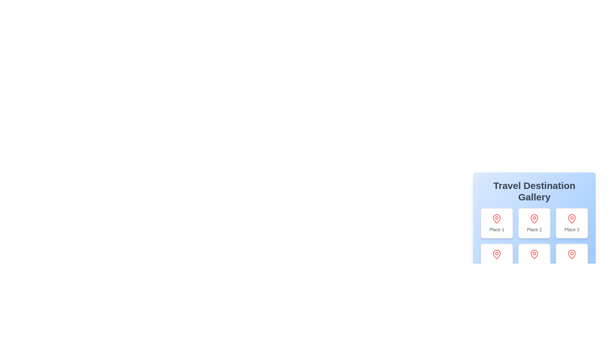 The height and width of the screenshot is (343, 610). Describe the element at coordinates (497, 229) in the screenshot. I see `text label that serves as a descriptive title for the place represented by the card, located below the red map pin icon in the gallery section` at that location.